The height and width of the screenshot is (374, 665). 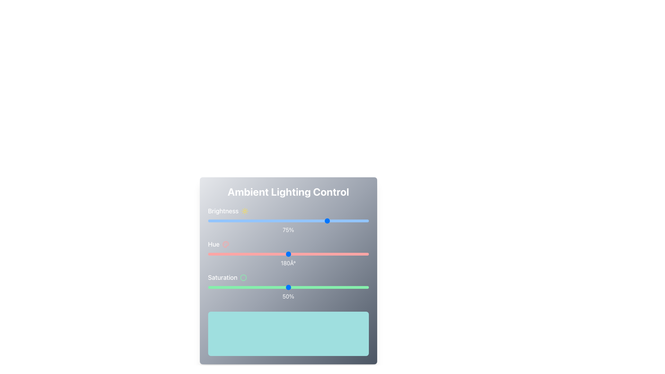 I want to click on saturation, so click(x=273, y=287).